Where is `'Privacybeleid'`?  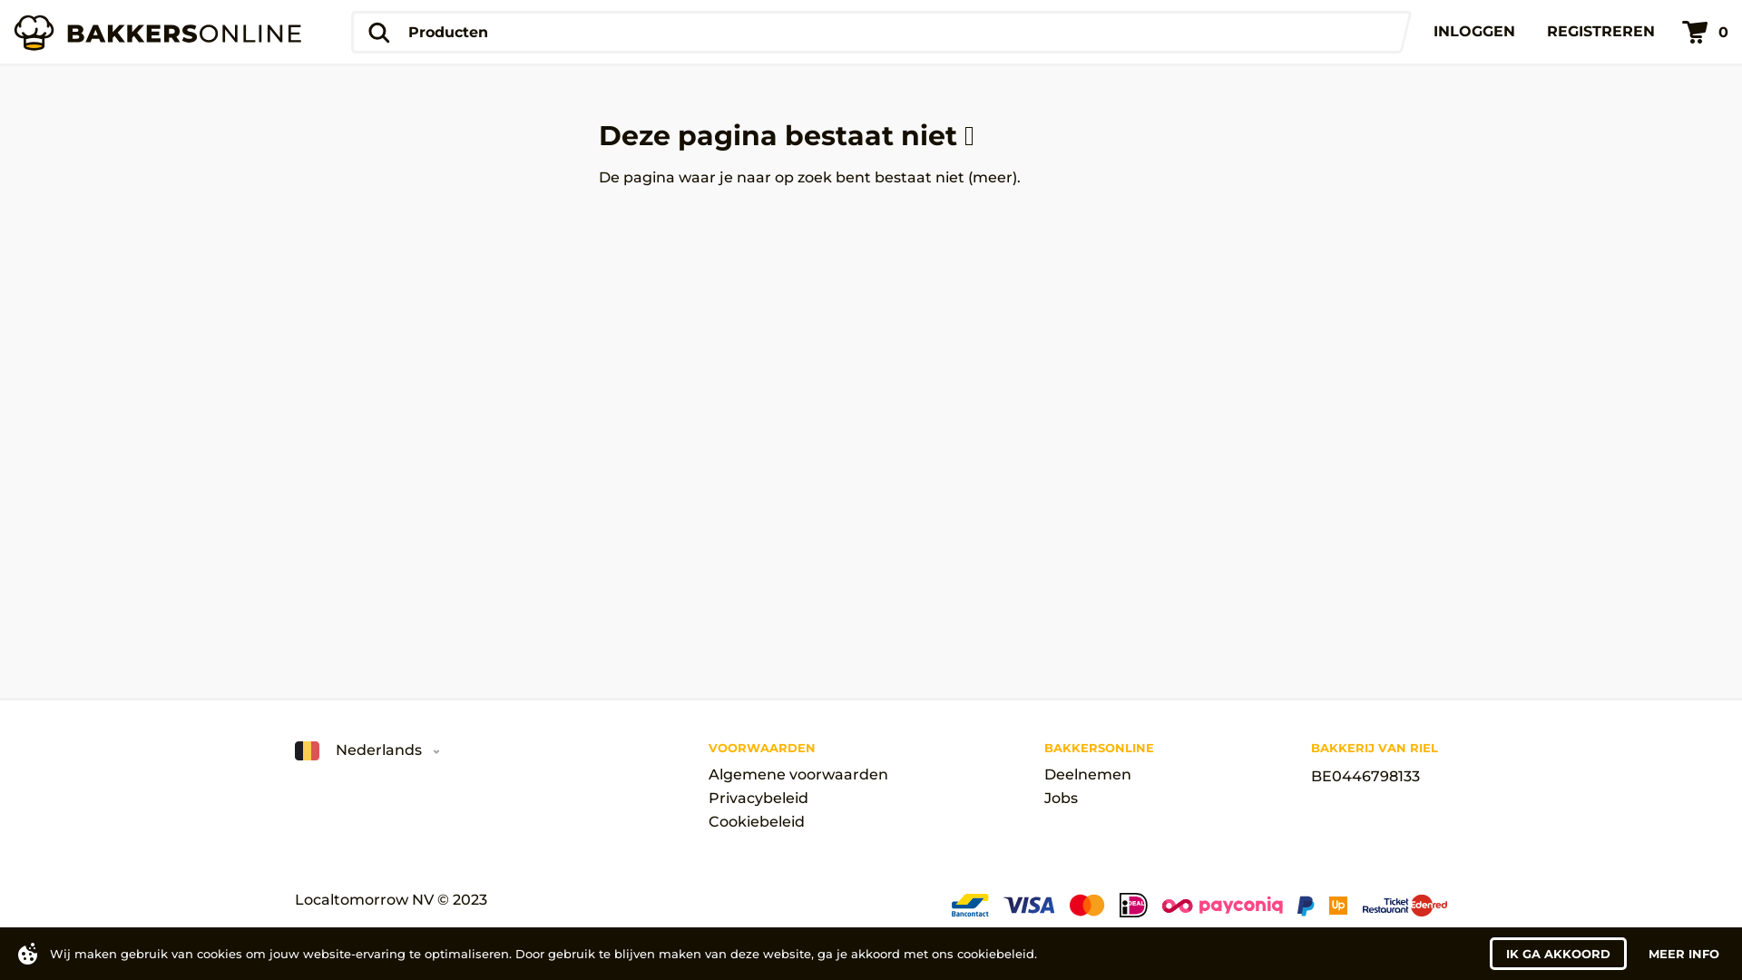
'Privacybeleid' is located at coordinates (797, 797).